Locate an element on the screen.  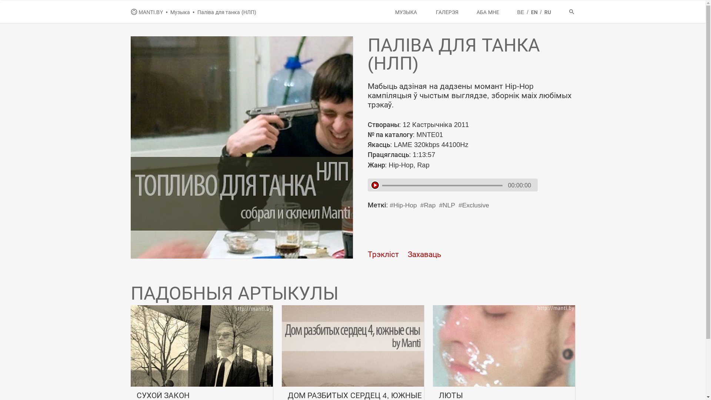
'Hip-Hop' is located at coordinates (403, 205).